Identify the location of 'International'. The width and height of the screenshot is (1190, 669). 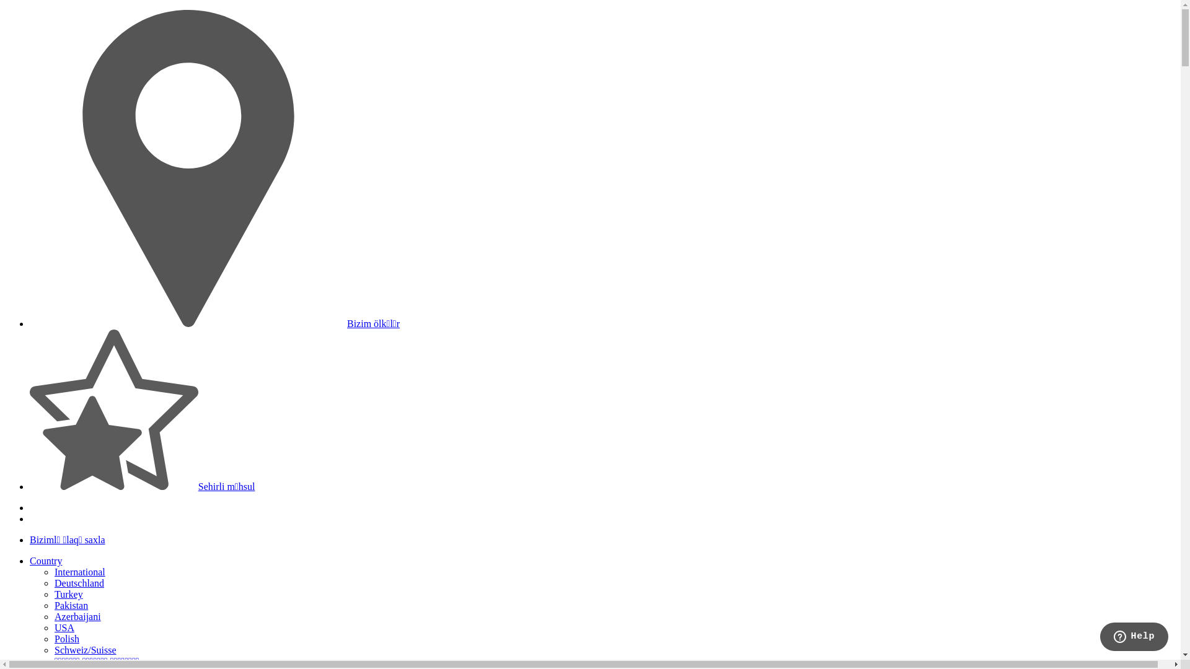
(53, 572).